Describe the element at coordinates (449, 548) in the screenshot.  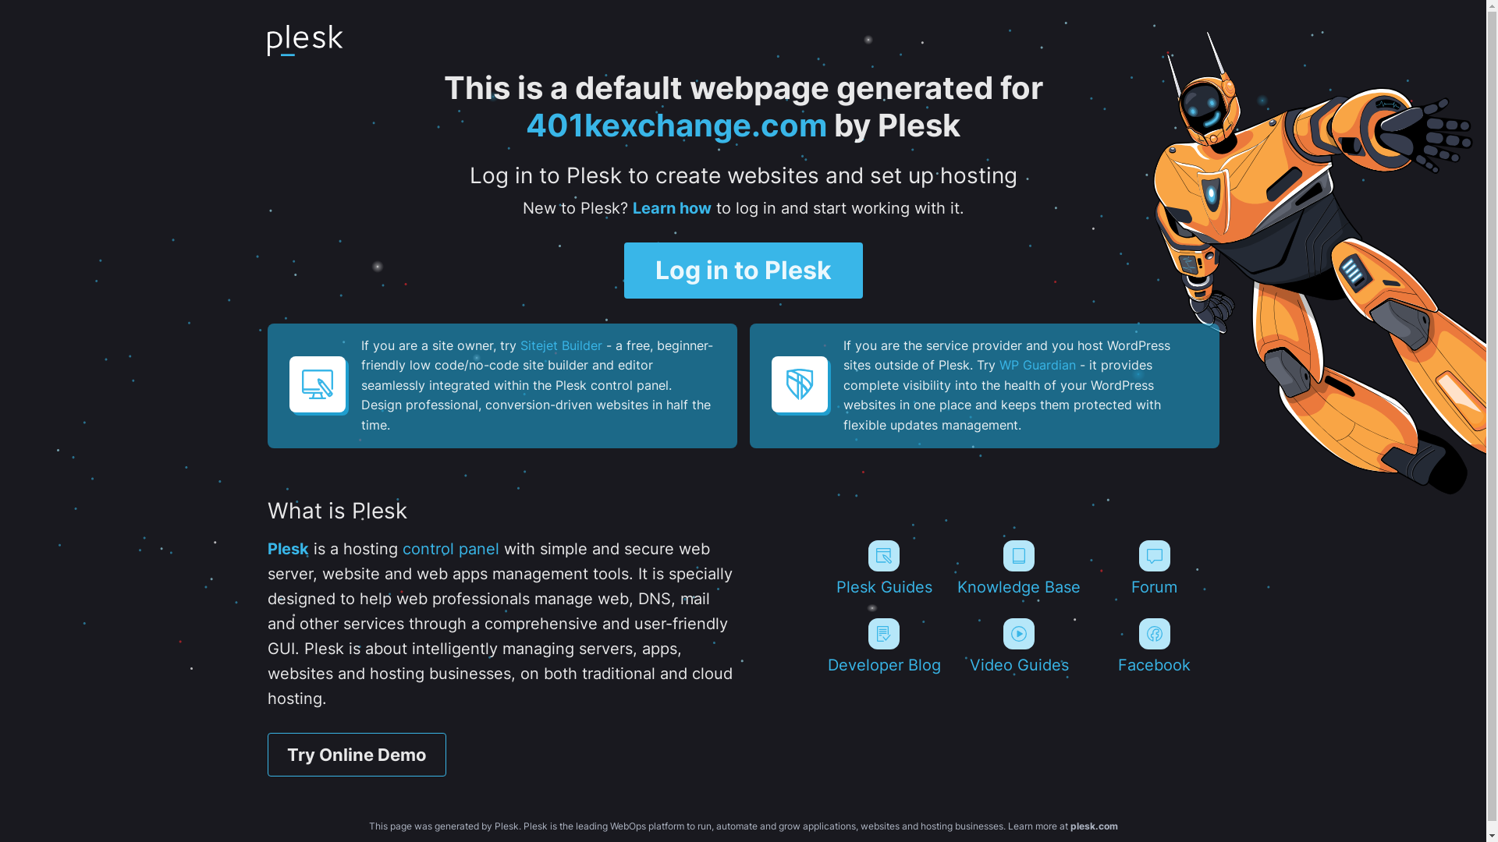
I see `'control panel'` at that location.